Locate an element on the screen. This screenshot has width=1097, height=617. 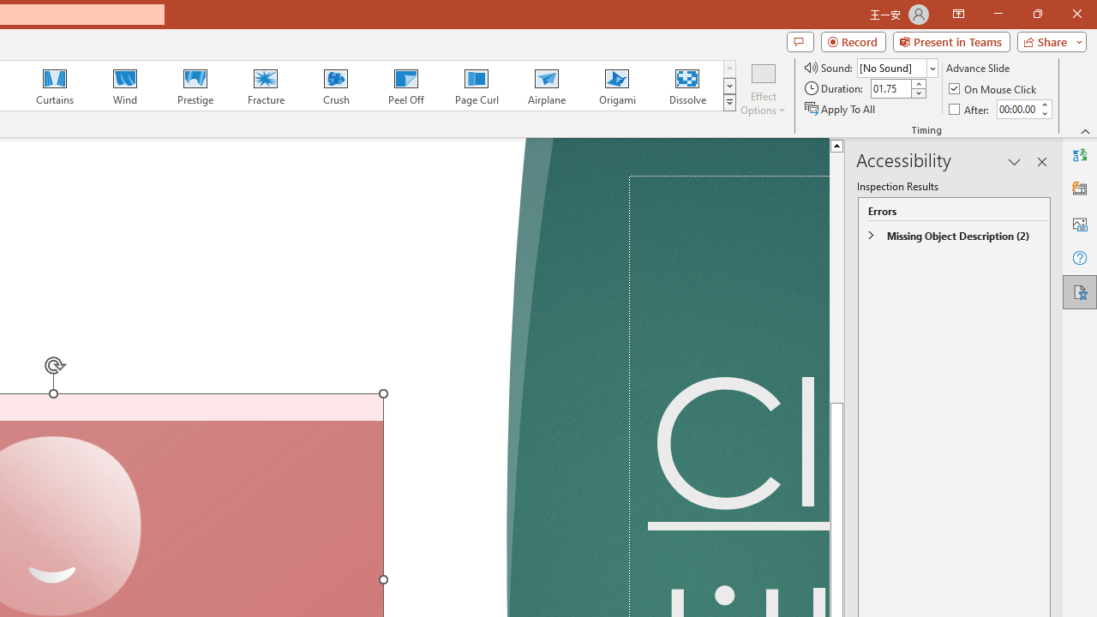
'Page Curl' is located at coordinates (476, 86).